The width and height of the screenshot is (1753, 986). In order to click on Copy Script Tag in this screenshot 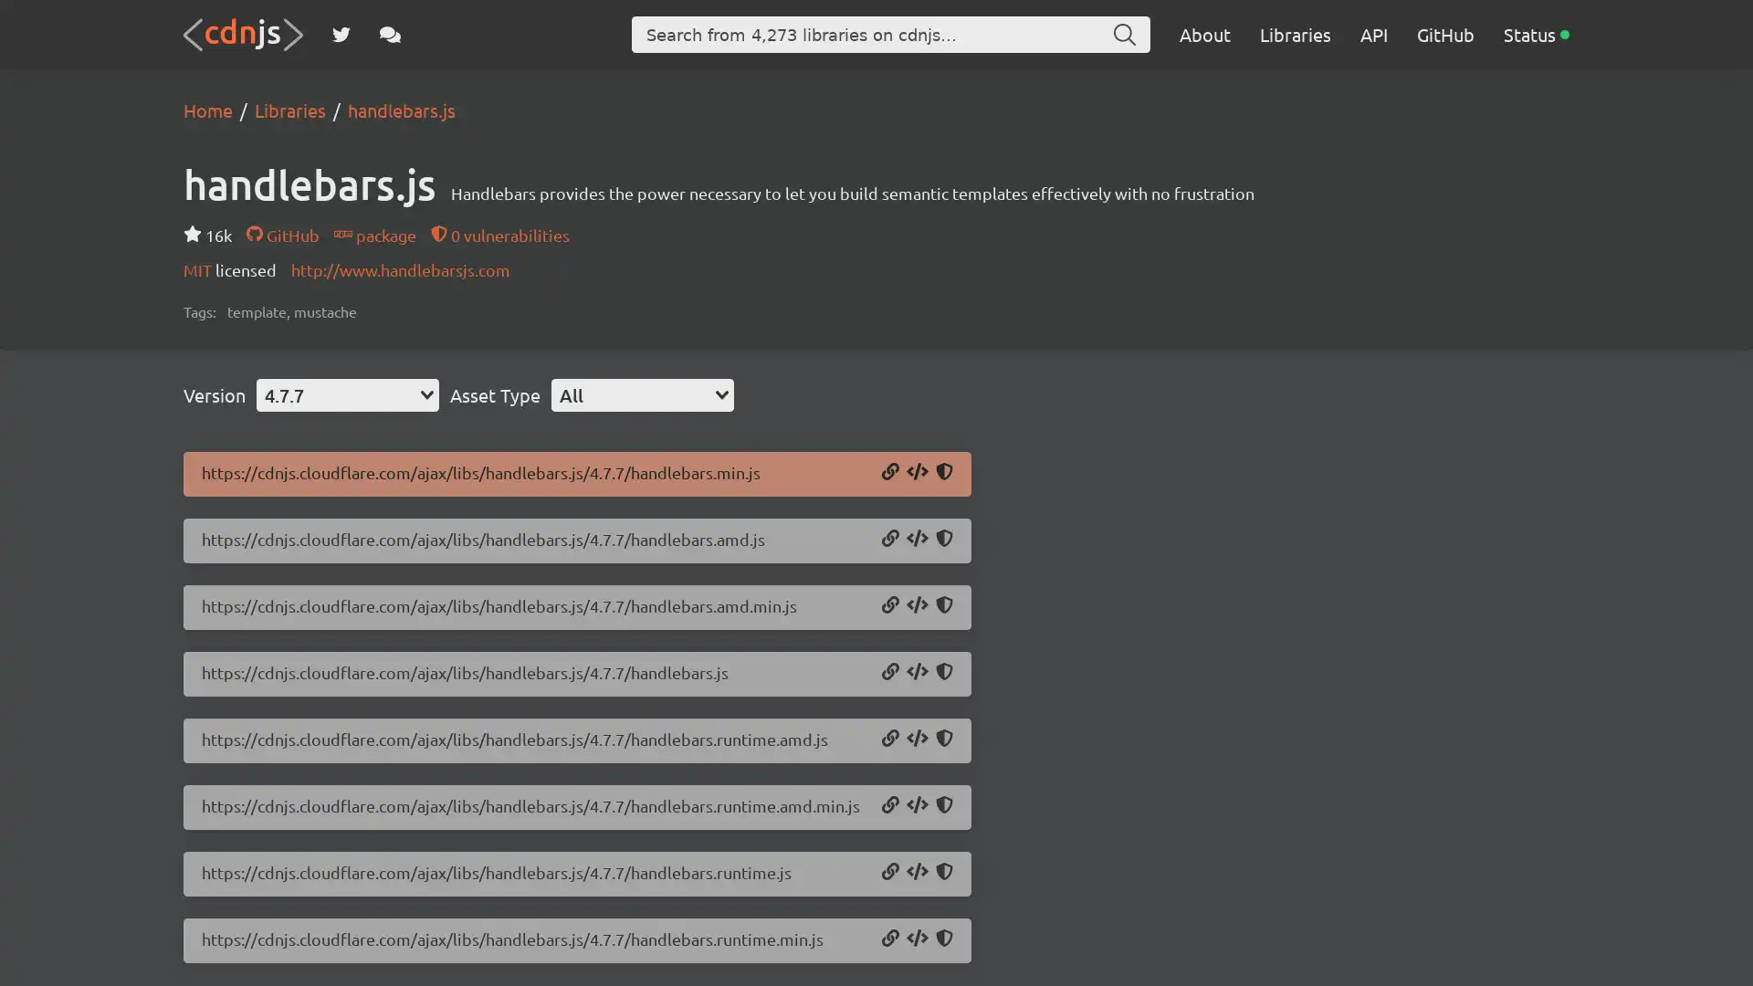, I will do `click(917, 606)`.